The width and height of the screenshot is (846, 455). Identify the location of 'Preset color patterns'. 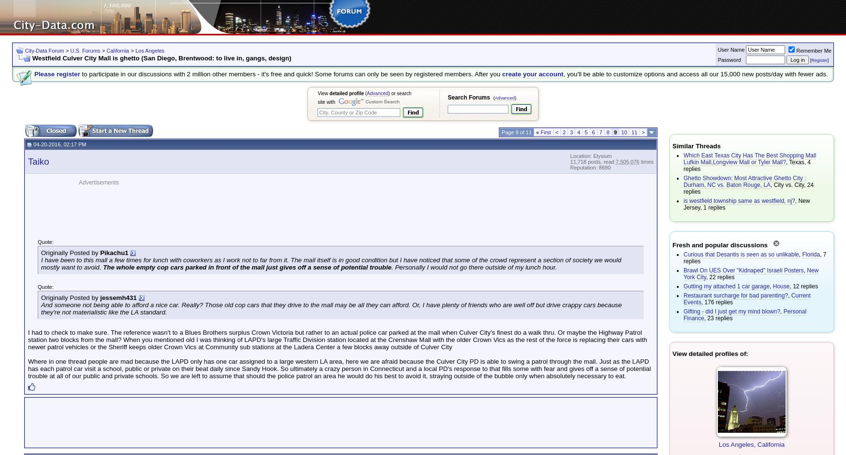
(7, 17).